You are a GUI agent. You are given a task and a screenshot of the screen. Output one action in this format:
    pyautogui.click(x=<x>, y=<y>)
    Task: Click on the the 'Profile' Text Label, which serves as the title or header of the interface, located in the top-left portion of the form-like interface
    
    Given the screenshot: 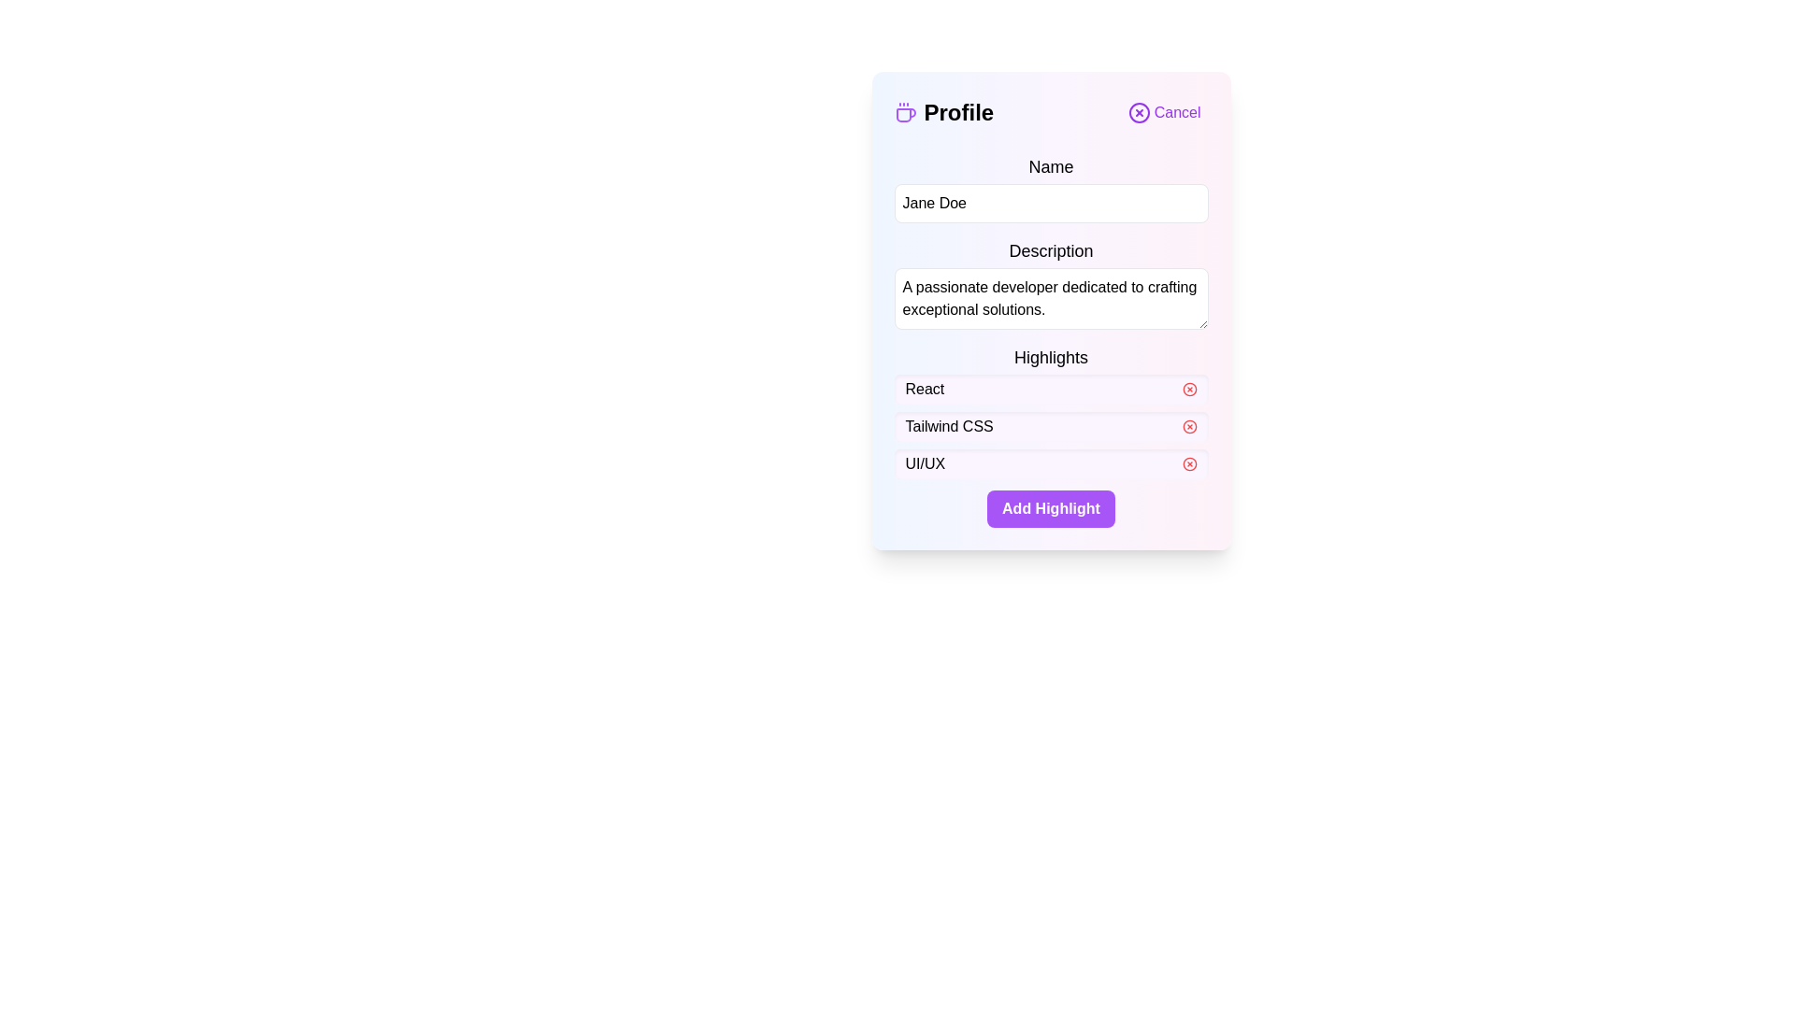 What is the action you would take?
    pyautogui.click(x=943, y=112)
    